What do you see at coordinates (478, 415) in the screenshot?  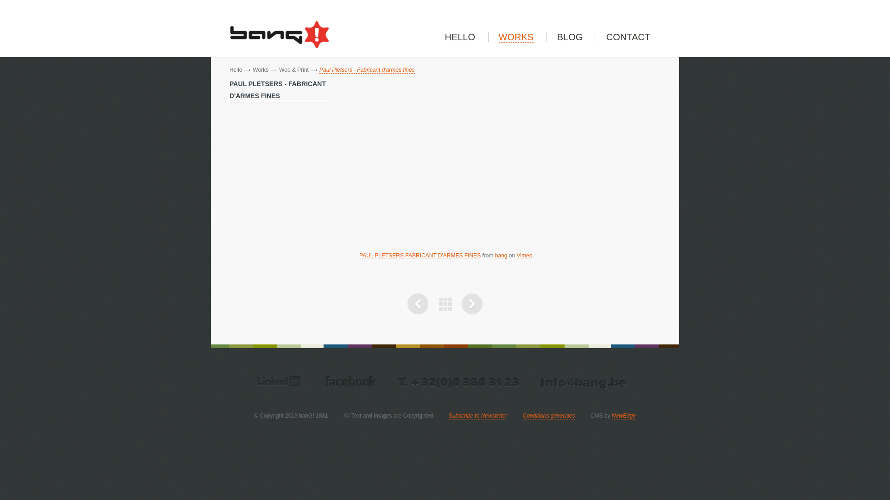 I see `'Subscribe to Newsletter'` at bounding box center [478, 415].